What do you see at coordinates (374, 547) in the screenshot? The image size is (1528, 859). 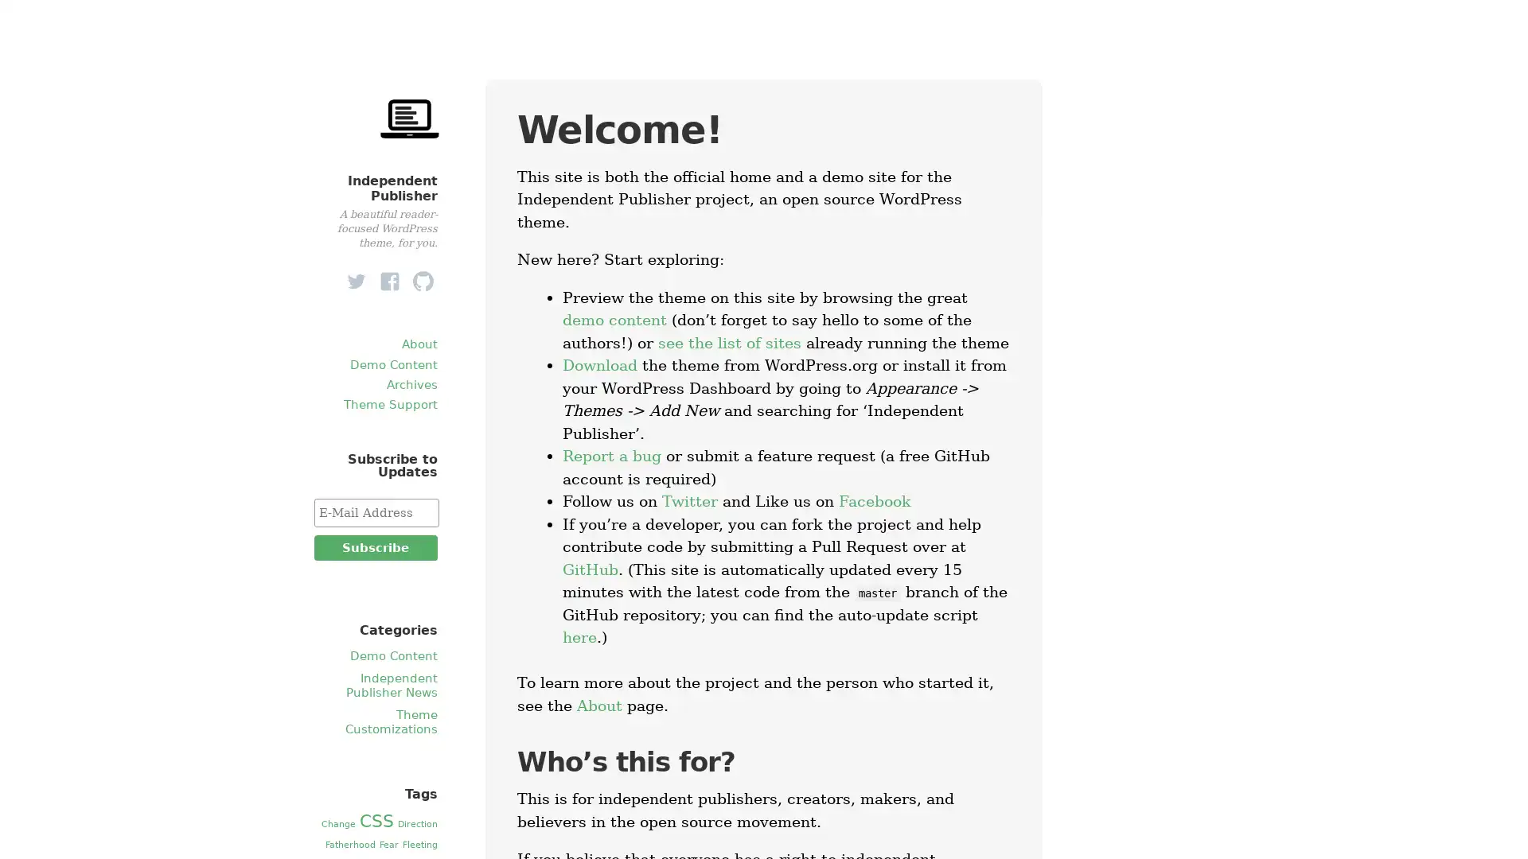 I see `Subscribe` at bounding box center [374, 547].